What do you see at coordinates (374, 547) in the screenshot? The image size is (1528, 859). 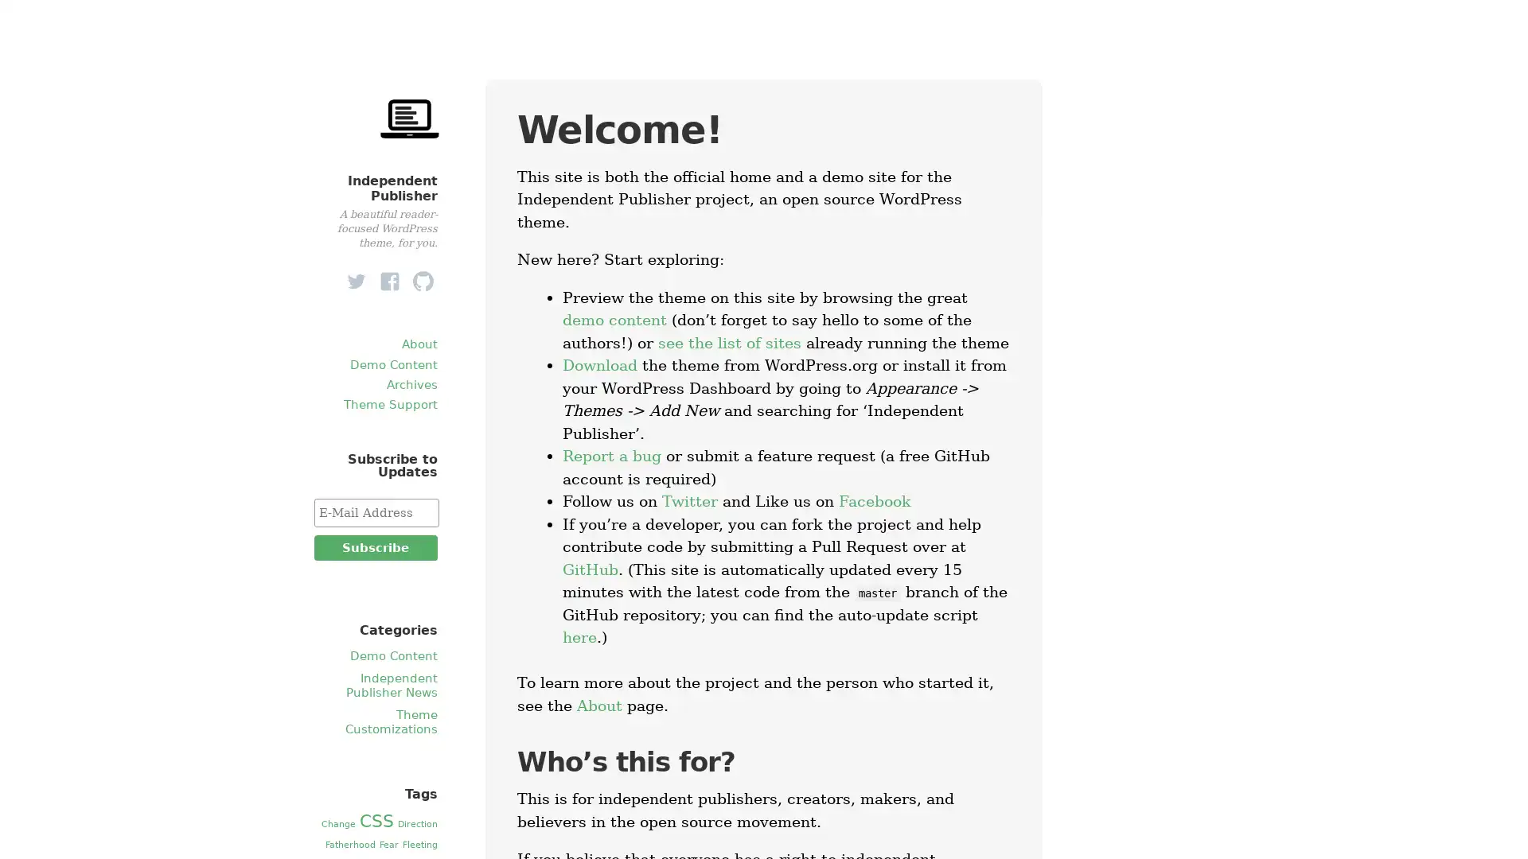 I see `Subscribe` at bounding box center [374, 547].